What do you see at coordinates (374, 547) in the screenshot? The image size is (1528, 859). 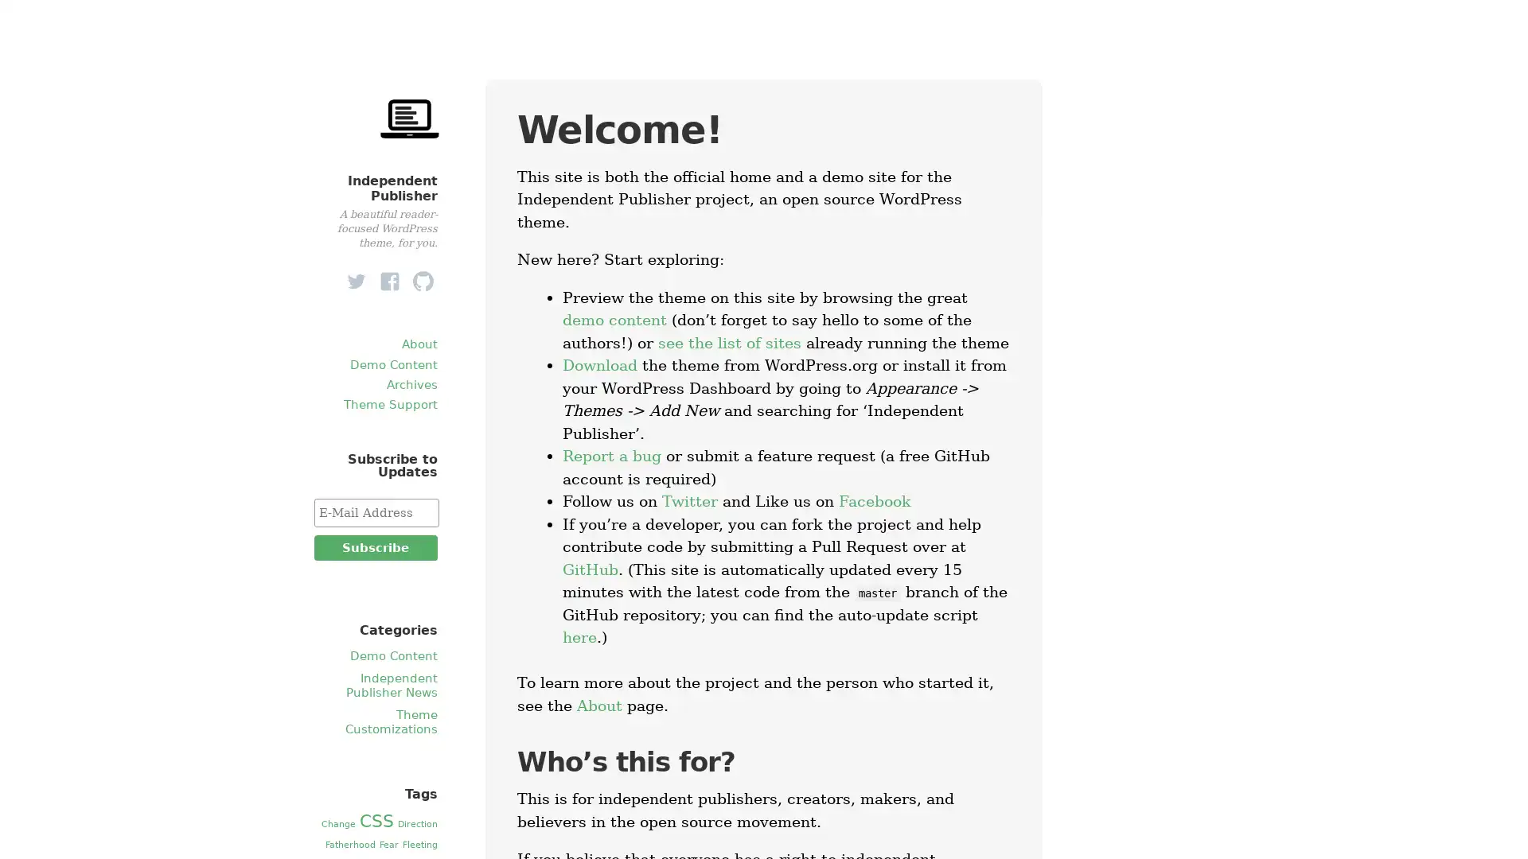 I see `Subscribe` at bounding box center [374, 547].